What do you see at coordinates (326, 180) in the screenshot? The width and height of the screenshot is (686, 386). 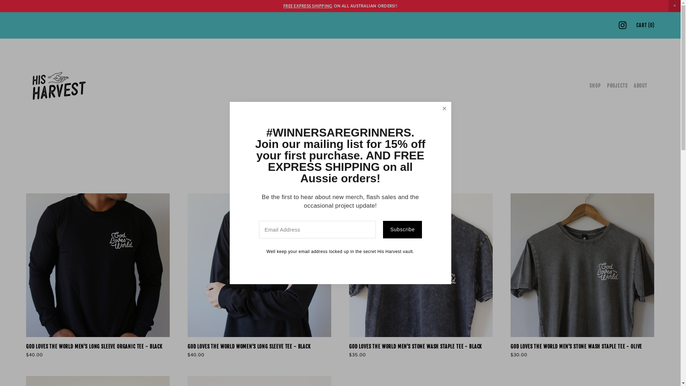 I see `'ALL'` at bounding box center [326, 180].